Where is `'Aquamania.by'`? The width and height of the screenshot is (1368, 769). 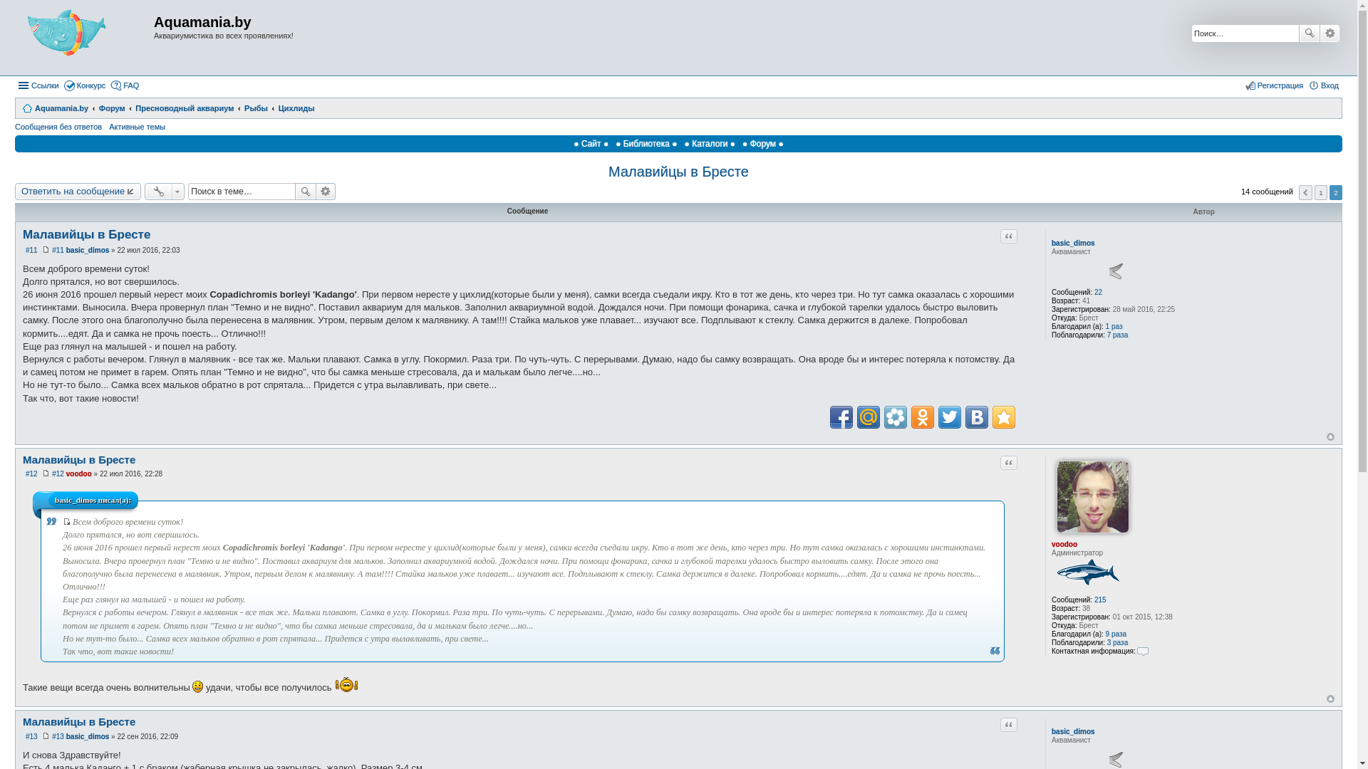 'Aquamania.by' is located at coordinates (55, 107).